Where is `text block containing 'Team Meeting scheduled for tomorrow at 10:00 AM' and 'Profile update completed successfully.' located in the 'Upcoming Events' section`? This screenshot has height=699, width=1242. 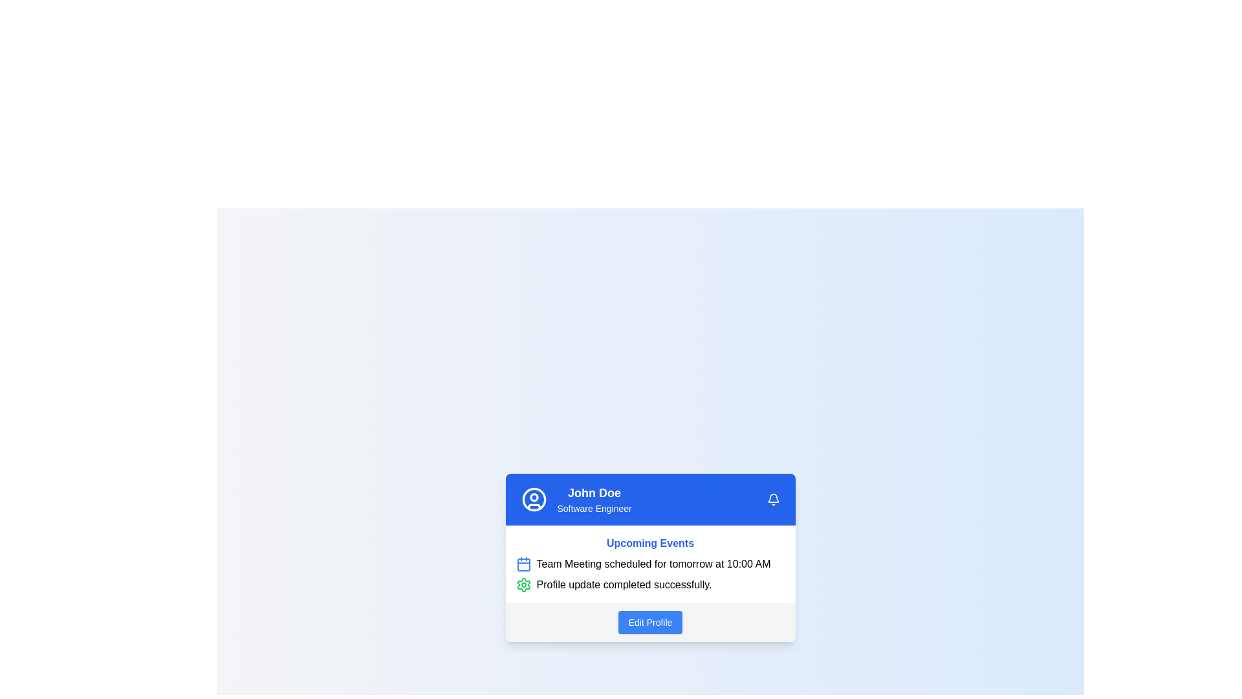 text block containing 'Team Meeting scheduled for tomorrow at 10:00 AM' and 'Profile update completed successfully.' located in the 'Upcoming Events' section is located at coordinates (650, 573).